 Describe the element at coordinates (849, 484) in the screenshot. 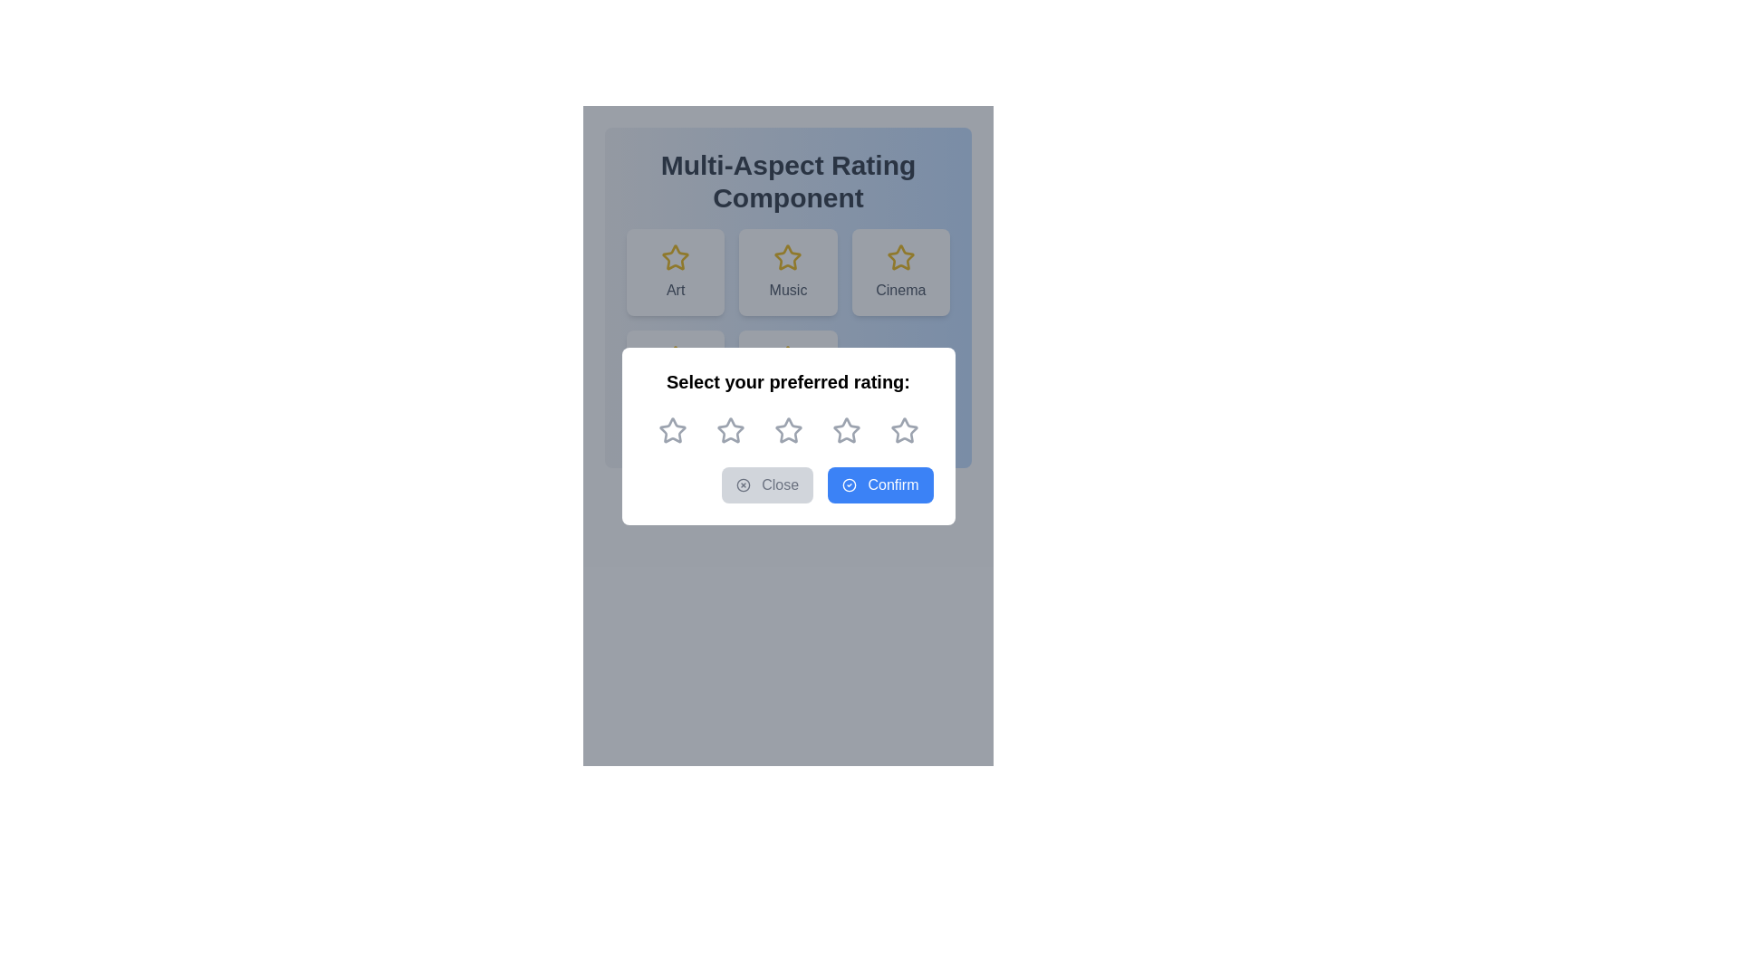

I see `the blue outlined circle icon with a checkmark located to the left of the 'Confirm' text within the button at the bottom-right corner of the modal dialog` at that location.